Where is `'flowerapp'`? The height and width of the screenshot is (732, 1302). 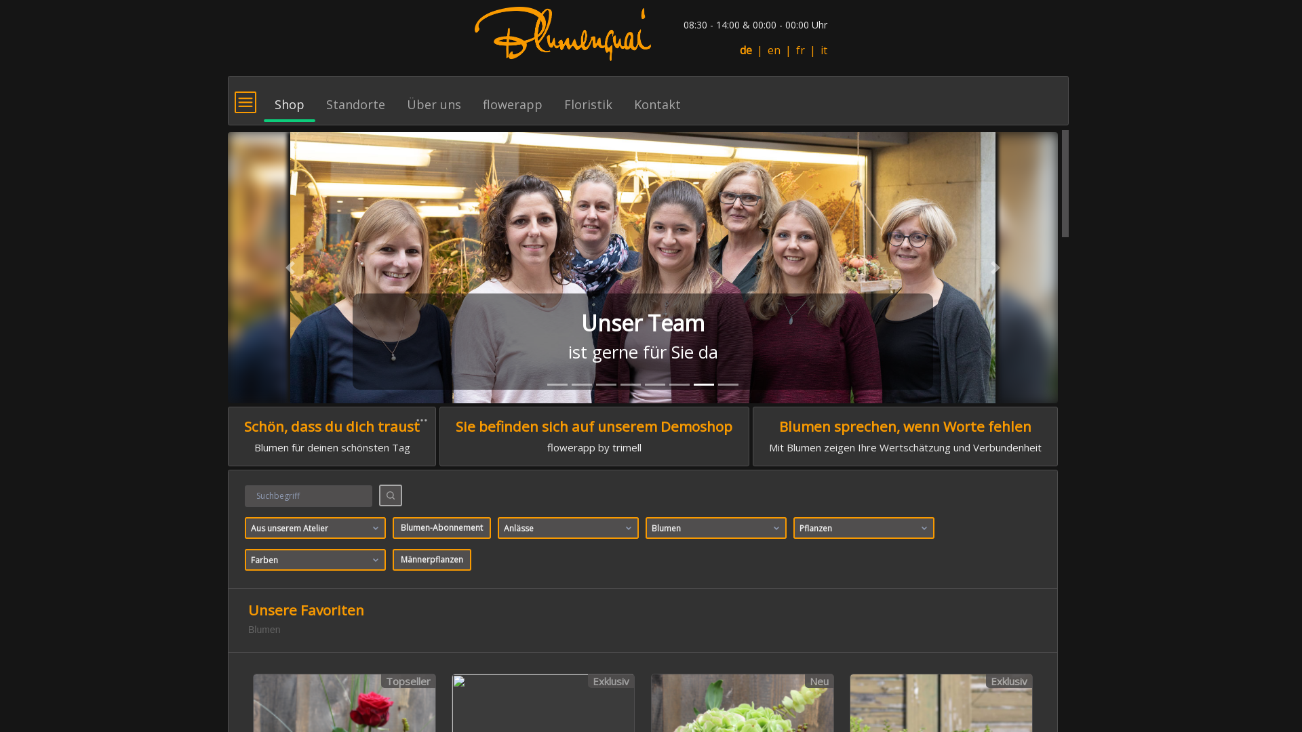 'flowerapp' is located at coordinates (511, 98).